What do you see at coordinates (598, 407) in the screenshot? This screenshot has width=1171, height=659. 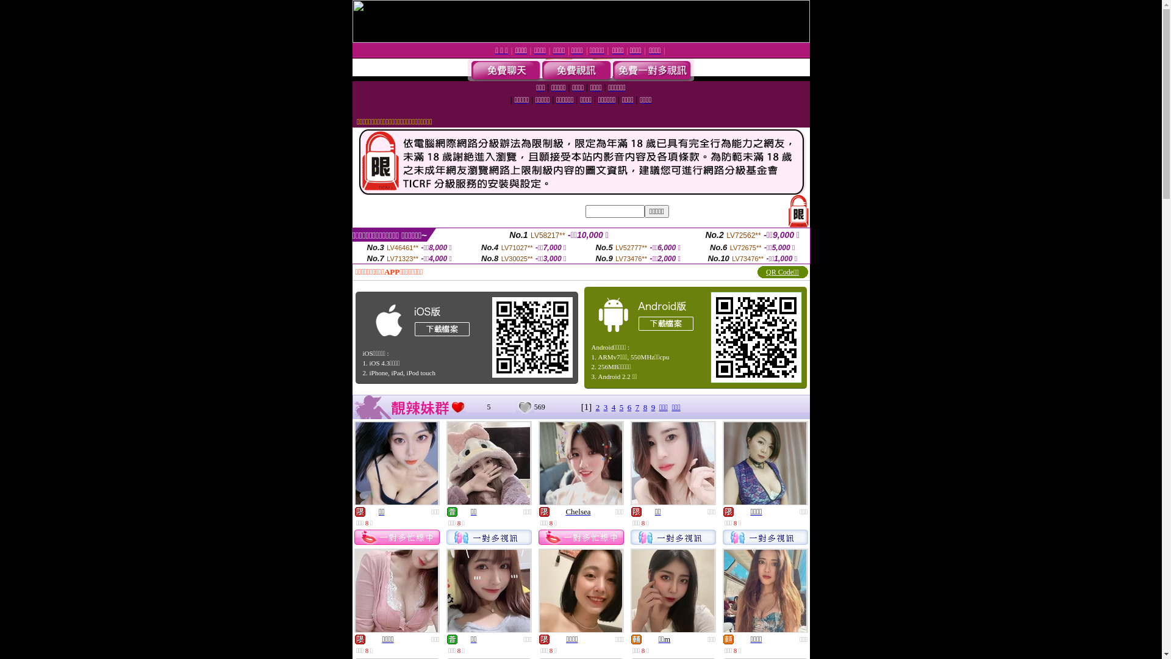 I see `'2'` at bounding box center [598, 407].